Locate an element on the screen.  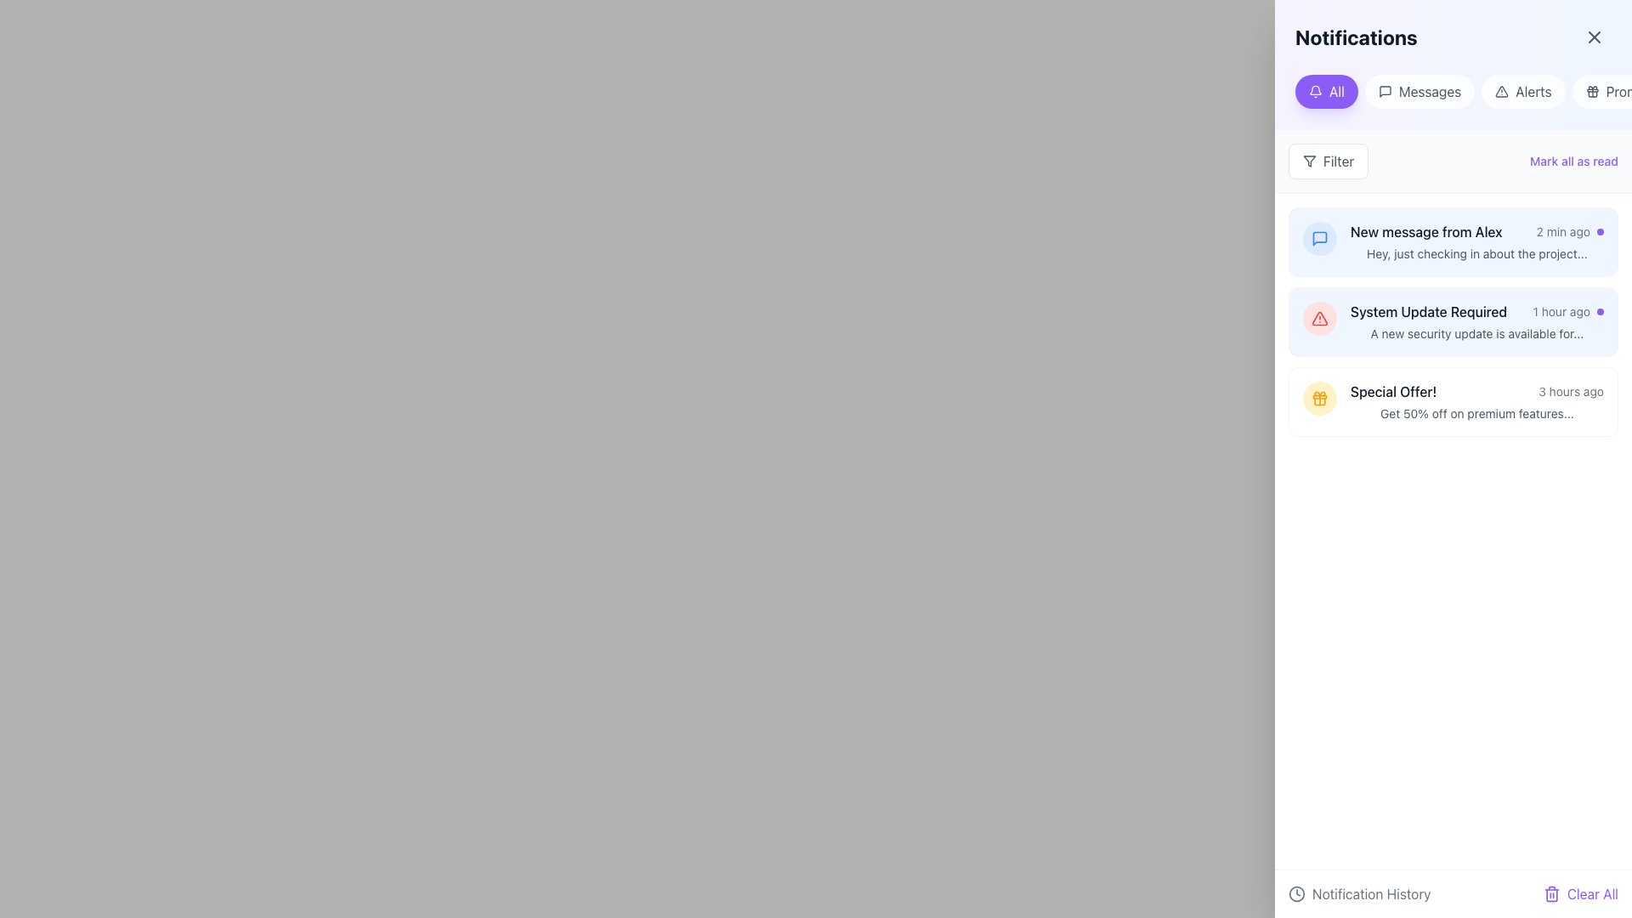
the close button for the notifications panel located at the top-right corner of the 'Notifications' header bar is located at coordinates (1594, 37).